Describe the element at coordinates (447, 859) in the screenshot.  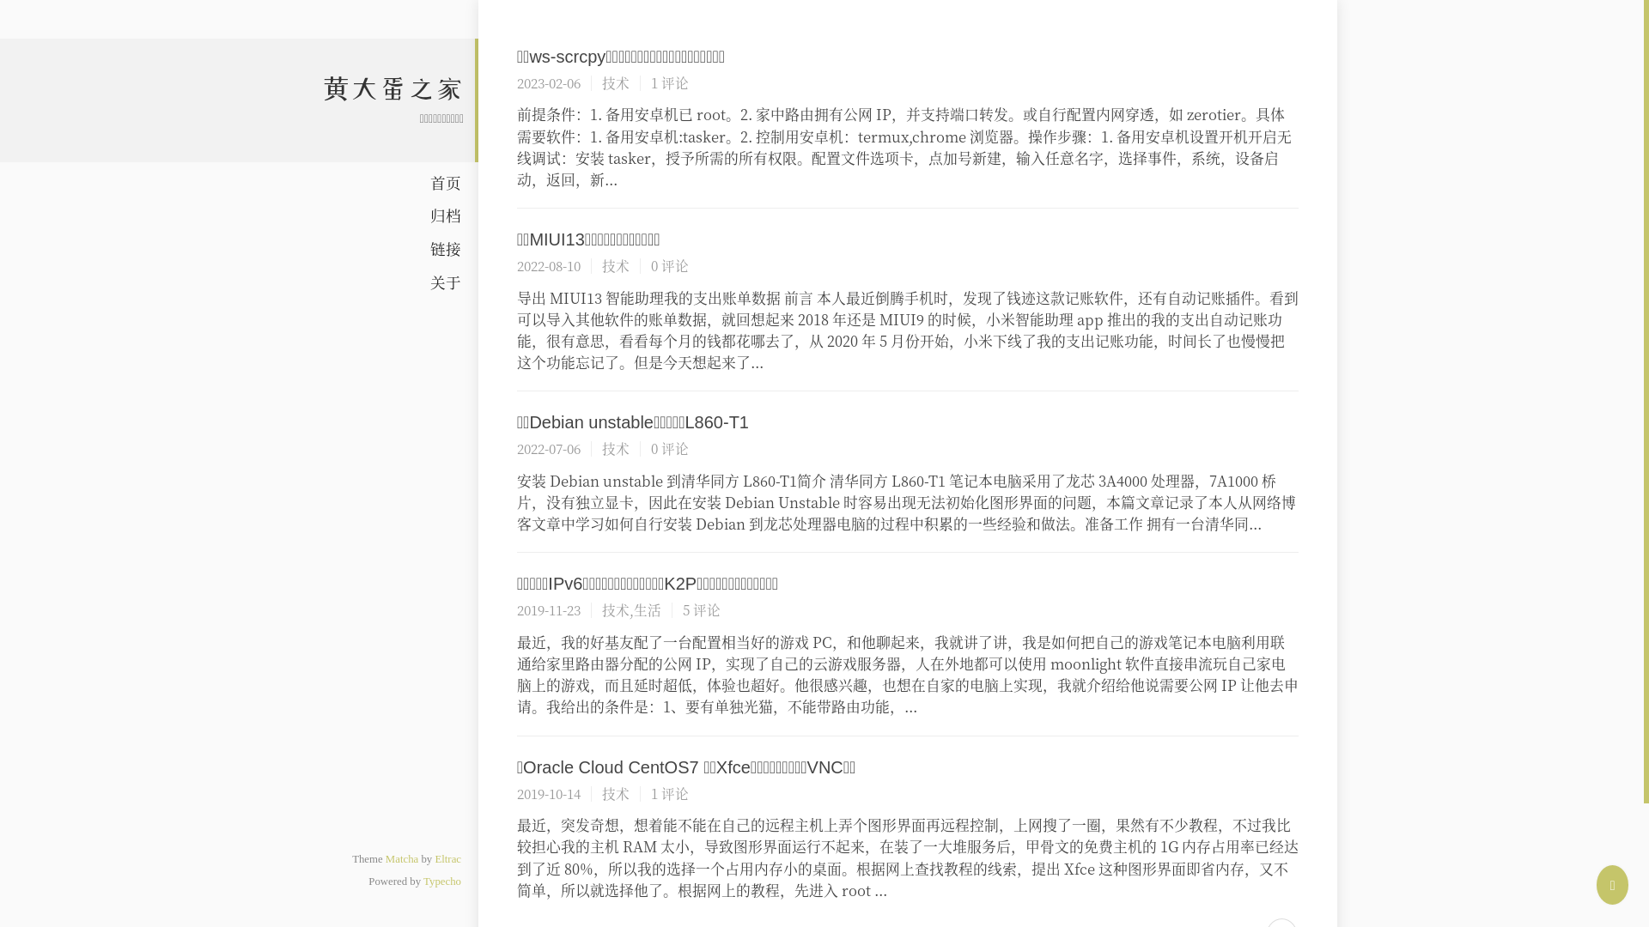
I see `'Eltrac'` at that location.